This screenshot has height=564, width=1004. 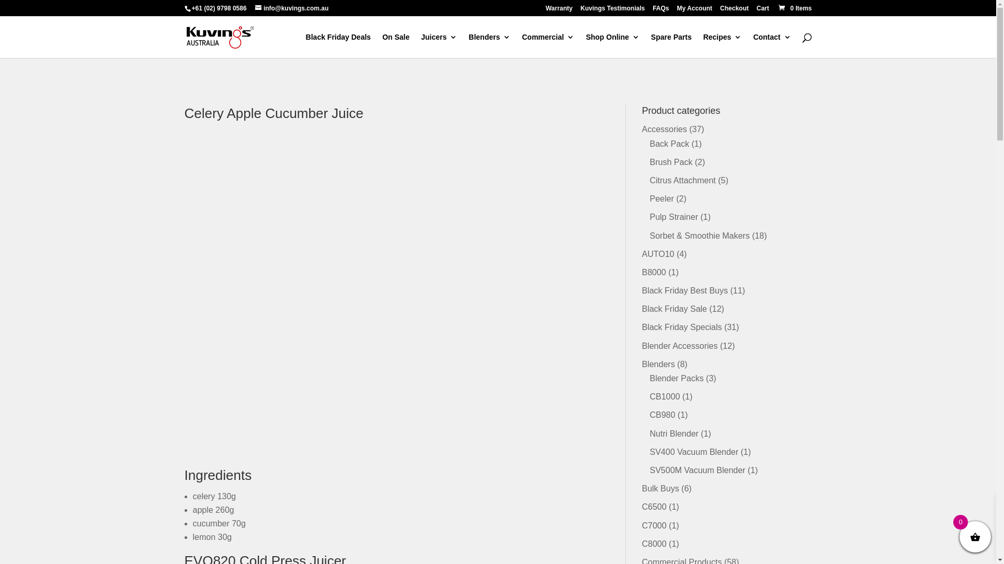 What do you see at coordinates (439, 45) in the screenshot?
I see `'Juicers'` at bounding box center [439, 45].